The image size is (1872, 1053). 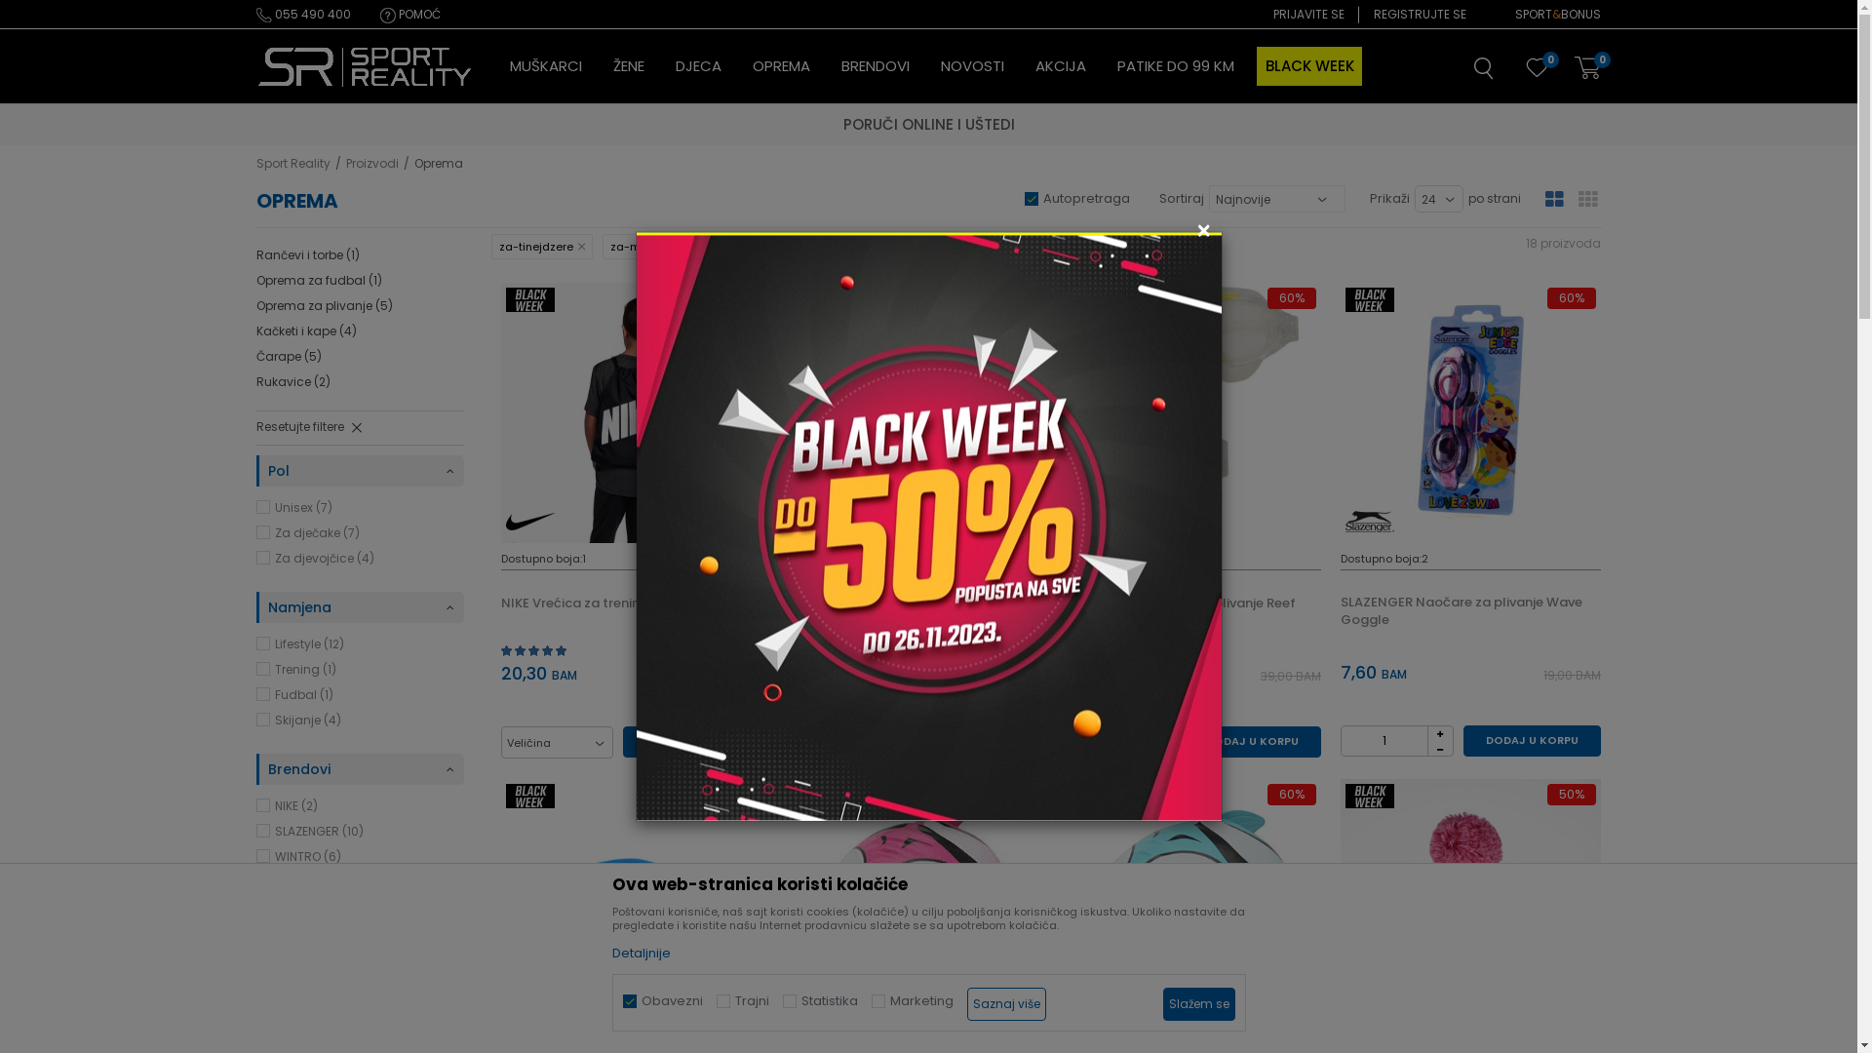 What do you see at coordinates (1586, 67) in the screenshot?
I see `'0'` at bounding box center [1586, 67].